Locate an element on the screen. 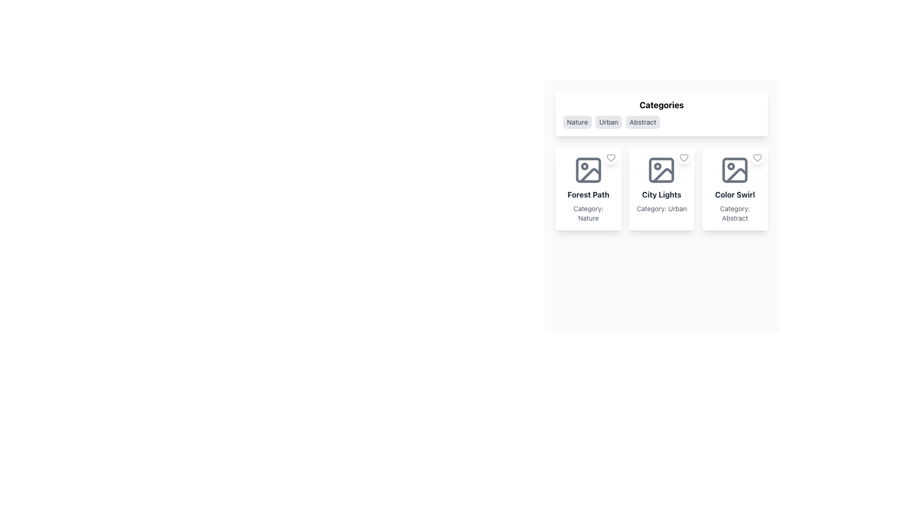 The height and width of the screenshot is (508, 904). the 'Abstract' button, which is the third button in a row of three, to filter content is located at coordinates (642, 121).